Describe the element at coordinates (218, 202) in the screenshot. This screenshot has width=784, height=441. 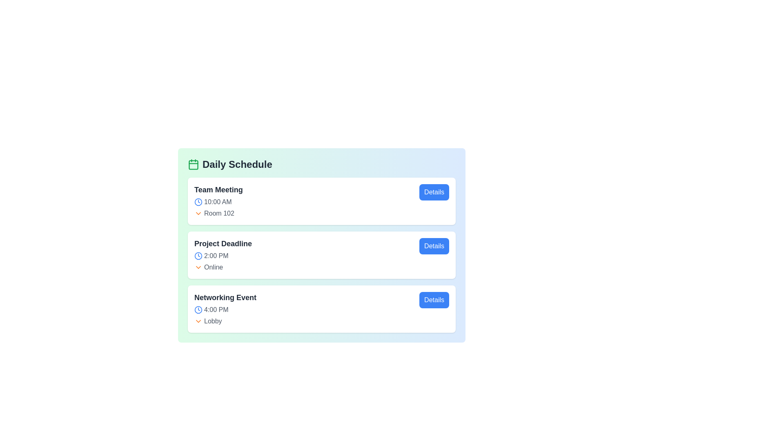
I see `the scheduled time displayed for the 'Team Meeting' event, which is located under the 'Daily Schedule' heading, immediately after the section title` at that location.